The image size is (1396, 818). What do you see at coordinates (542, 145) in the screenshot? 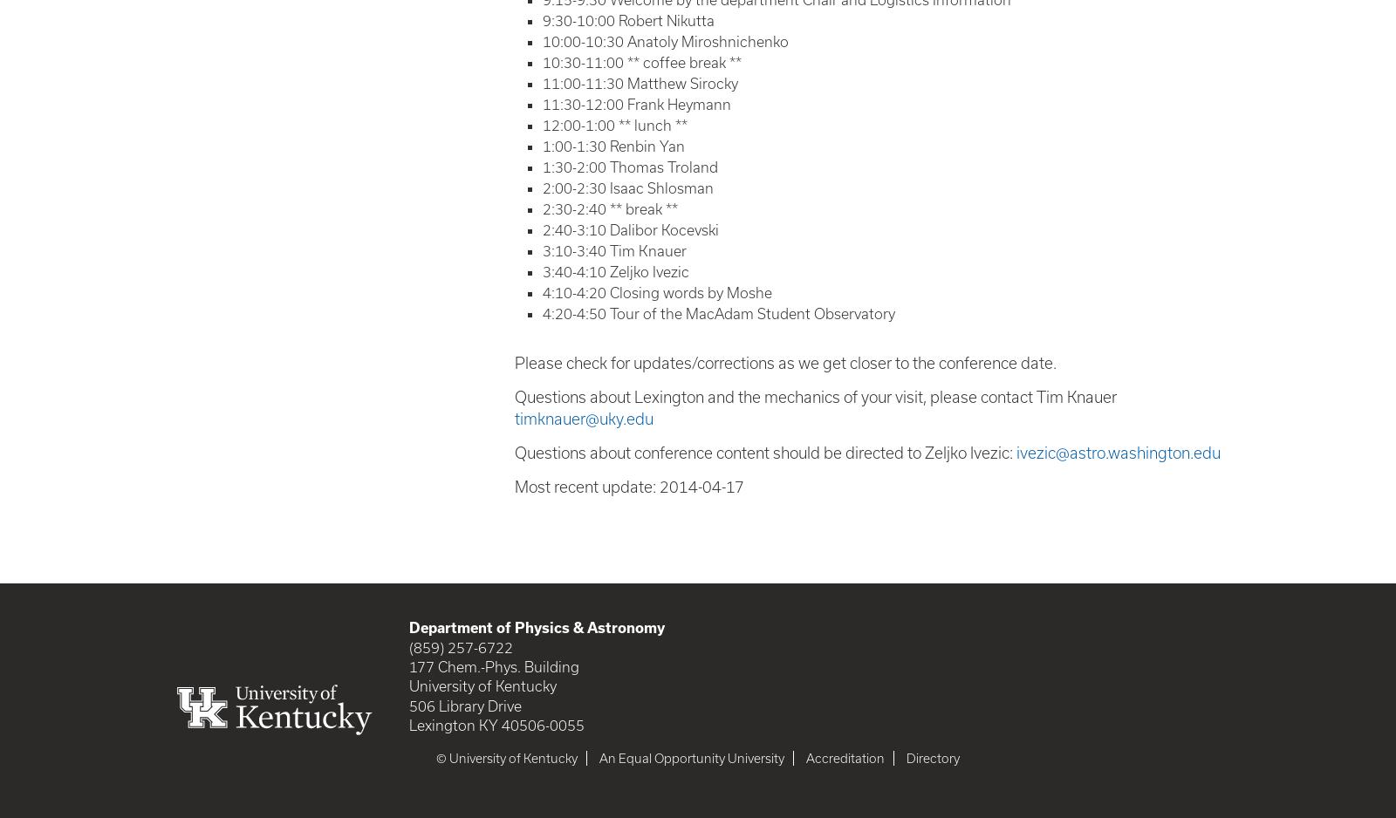
I see `'1:00-1:30 Renbin Yan'` at bounding box center [542, 145].